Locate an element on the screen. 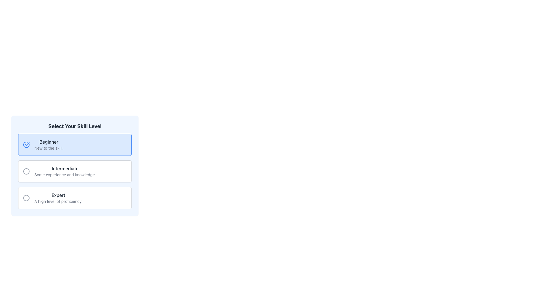  the blue circular icon with a checkmark inside, located next to the 'Beginner' label in the skill level selection interface is located at coordinates (26, 144).